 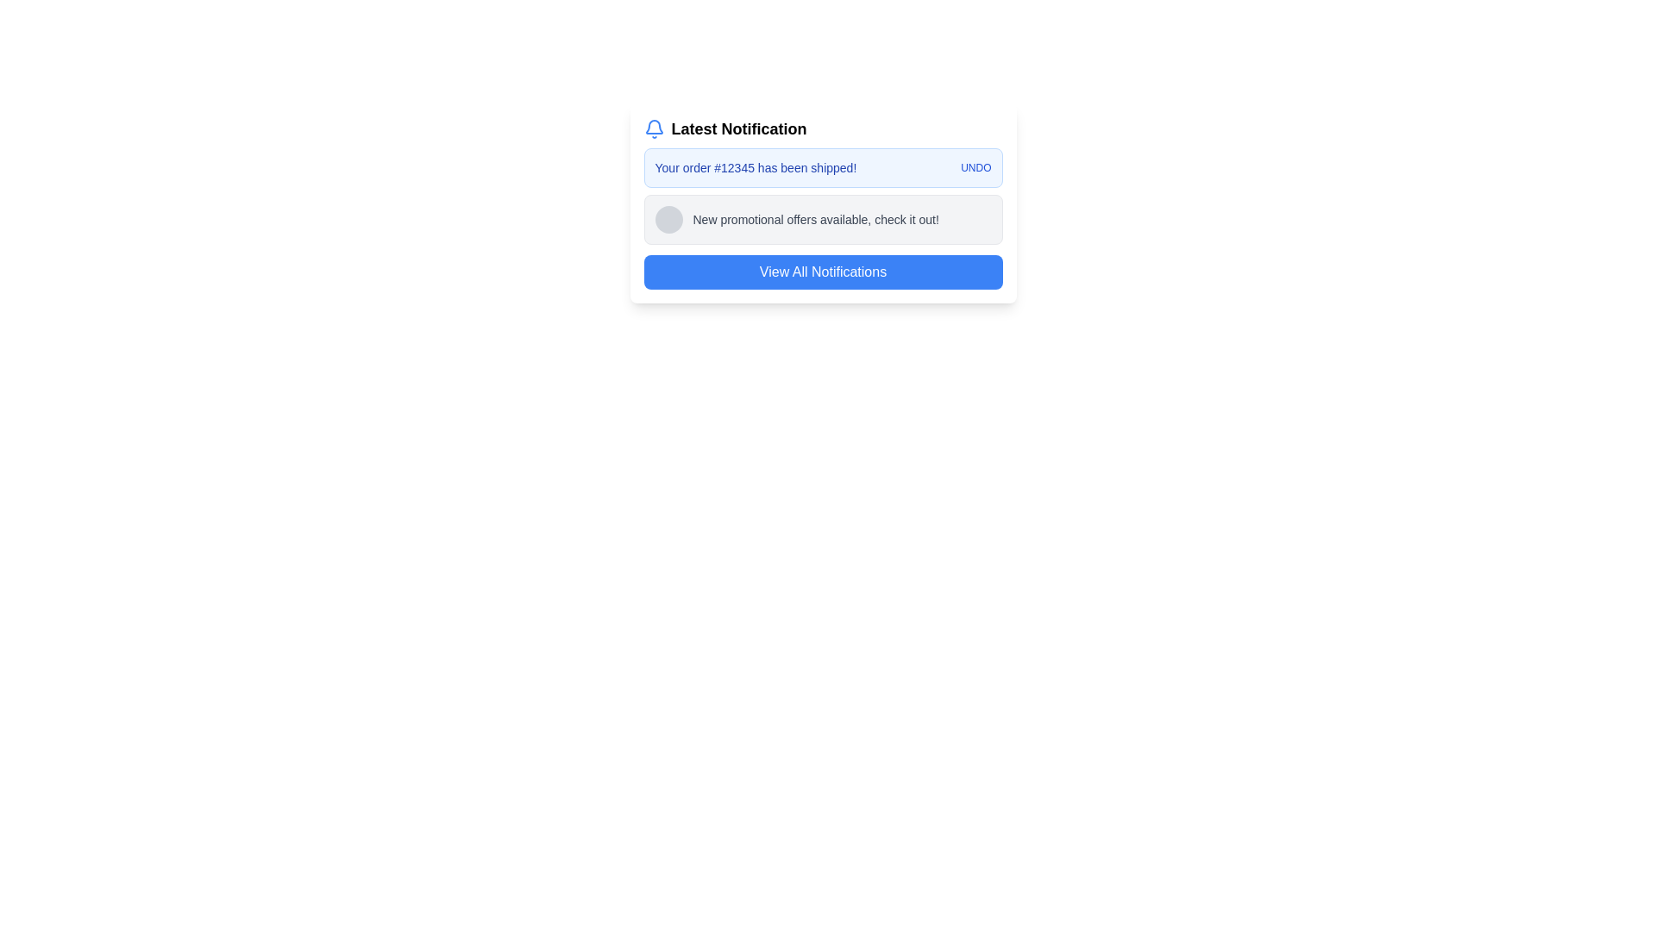 I want to click on the undo button located to the far right of the notification message 'Your order #12345 has been shipped!', so click(x=975, y=168).